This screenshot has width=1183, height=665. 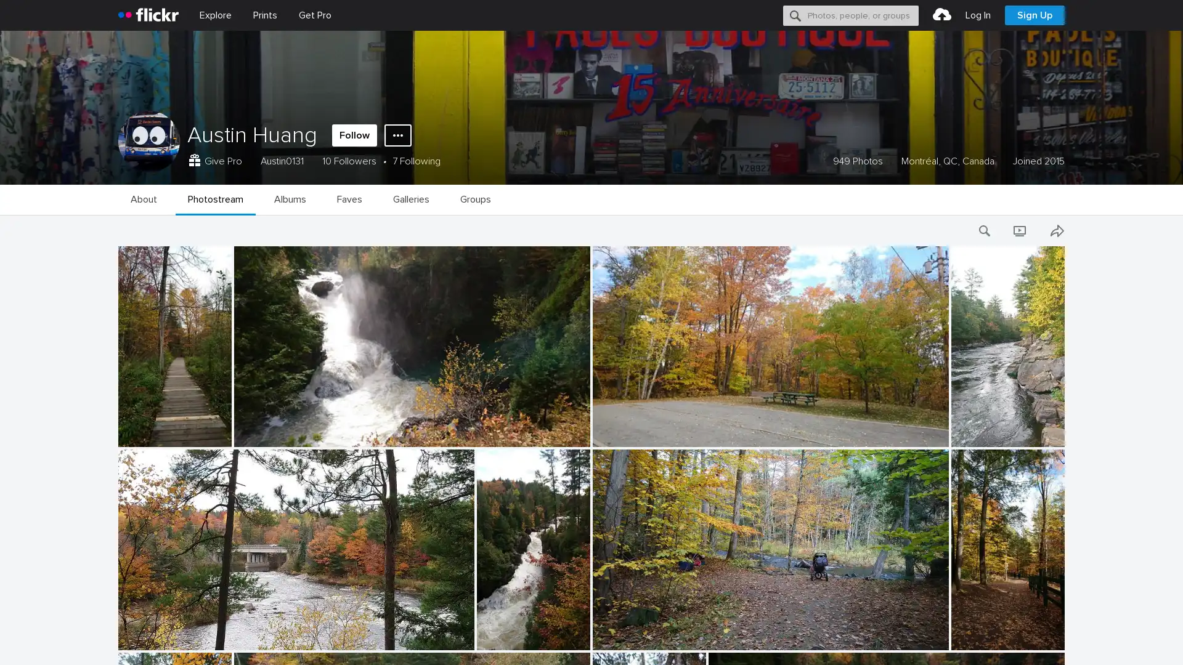 What do you see at coordinates (996, 641) in the screenshot?
I see `Opt-out` at bounding box center [996, 641].